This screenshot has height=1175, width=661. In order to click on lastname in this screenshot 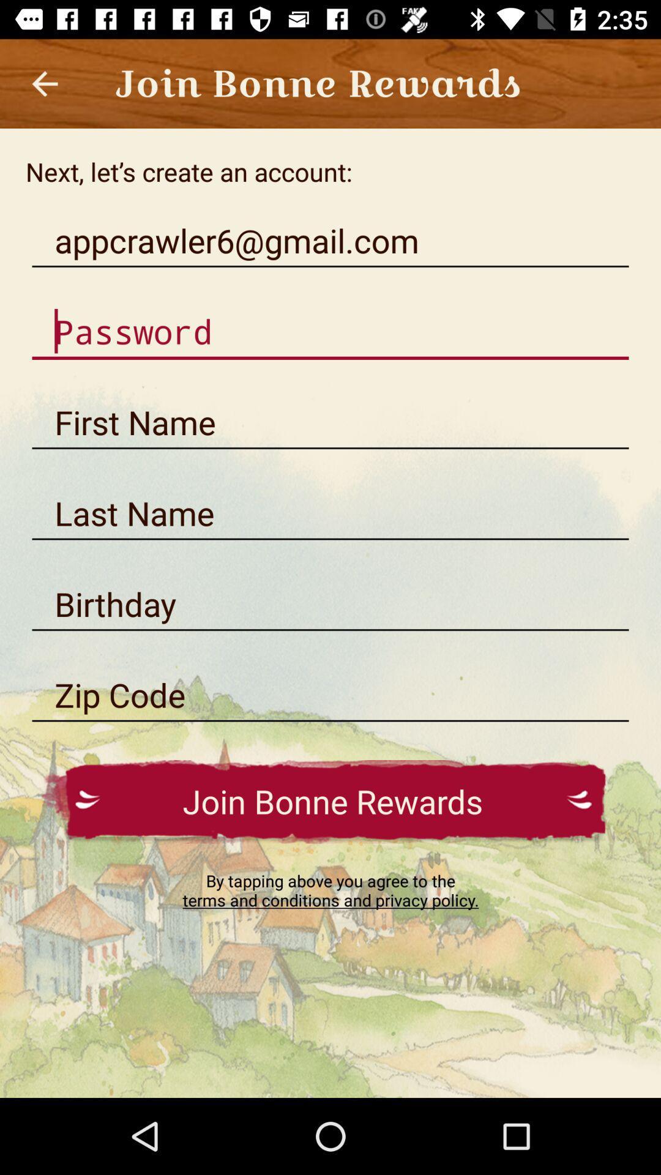, I will do `click(330, 513)`.